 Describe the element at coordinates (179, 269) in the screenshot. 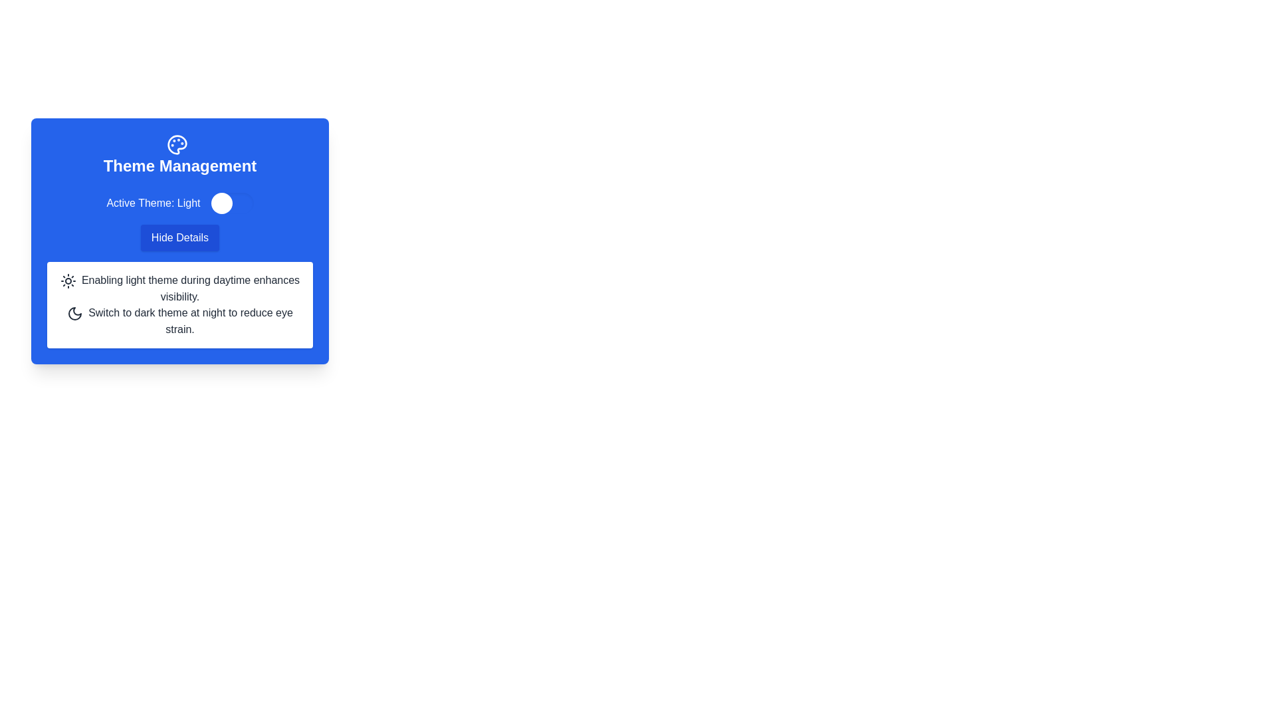

I see `the Informational card located in the third major section of the 'Theme Management' card, below the 'Active Theme: Light' section with its toggle switch and 'Hide Details' button` at that location.